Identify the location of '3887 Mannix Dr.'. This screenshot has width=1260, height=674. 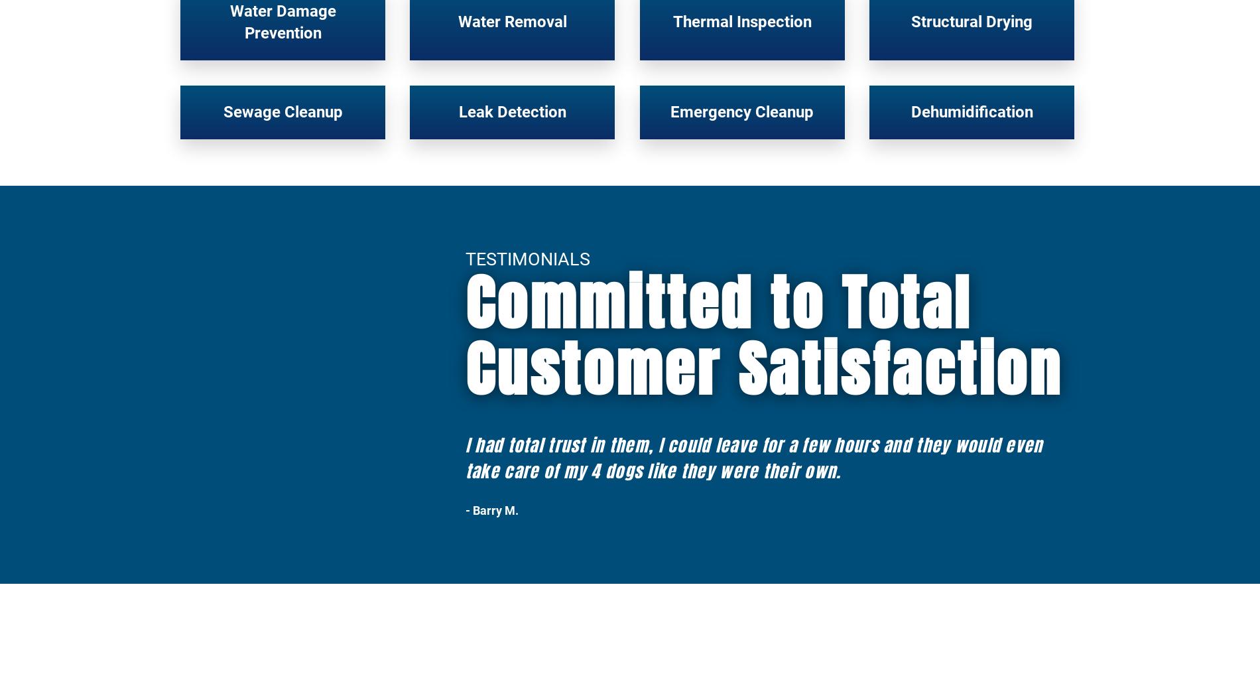
(928, 485).